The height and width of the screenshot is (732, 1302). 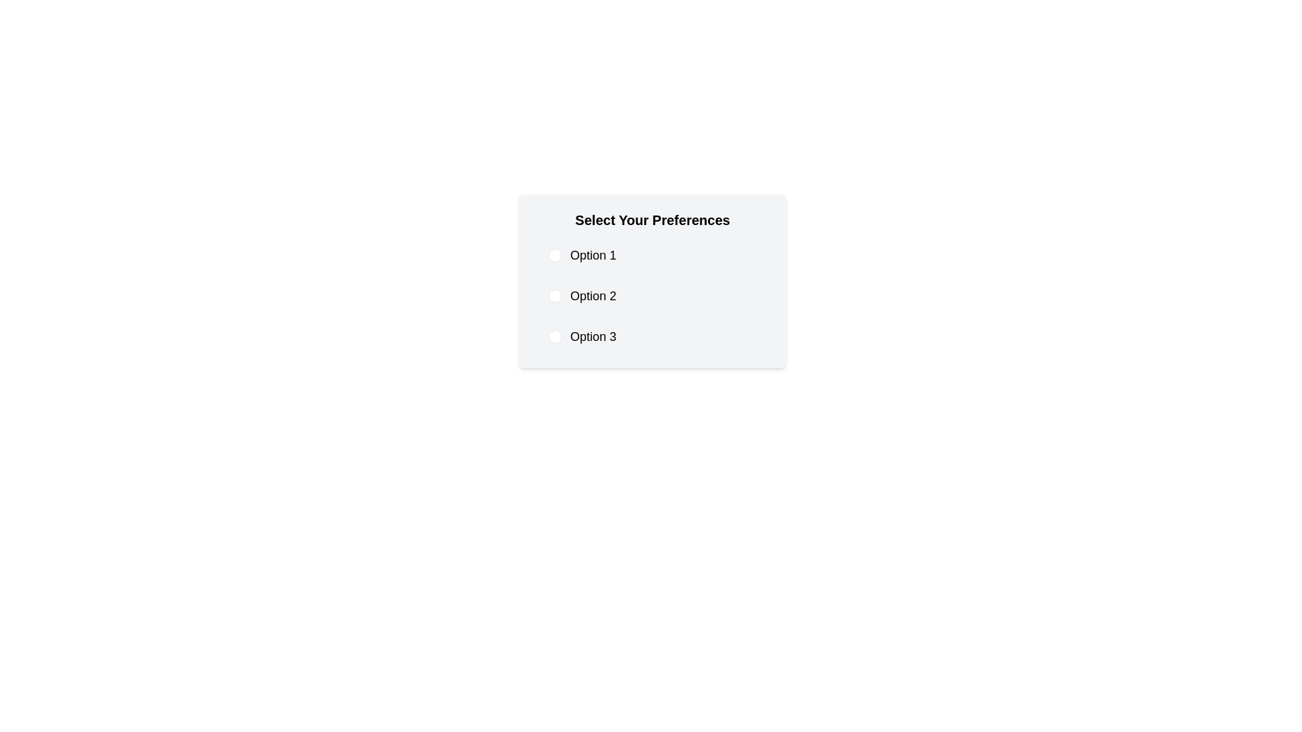 What do you see at coordinates (652, 336) in the screenshot?
I see `the selectable list item labeled 'Option 3'` at bounding box center [652, 336].